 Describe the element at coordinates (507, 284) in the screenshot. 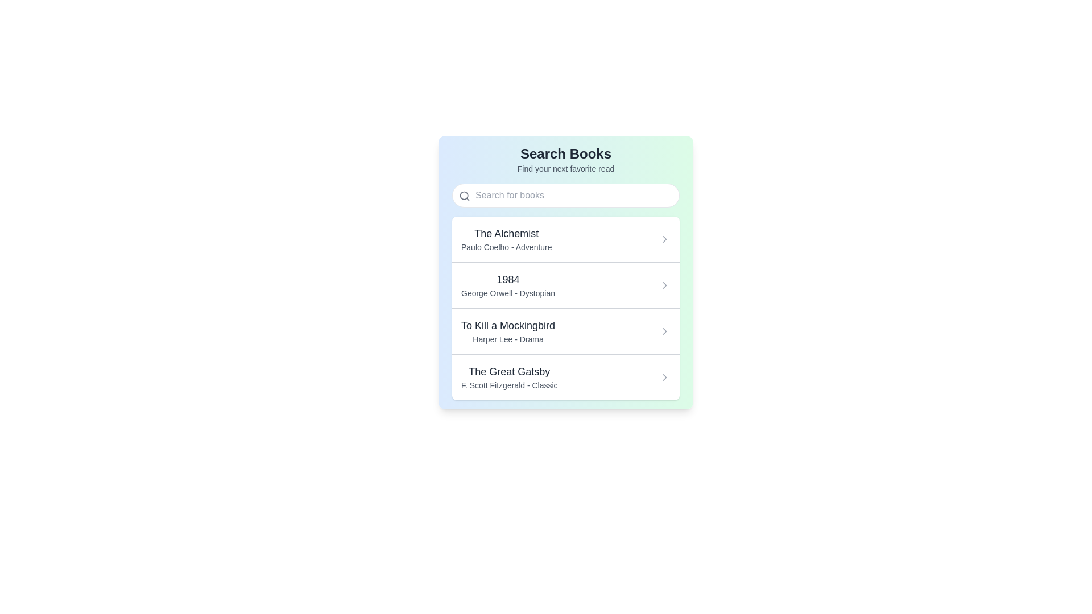

I see `the list item displaying '1984' by George Orwell` at that location.